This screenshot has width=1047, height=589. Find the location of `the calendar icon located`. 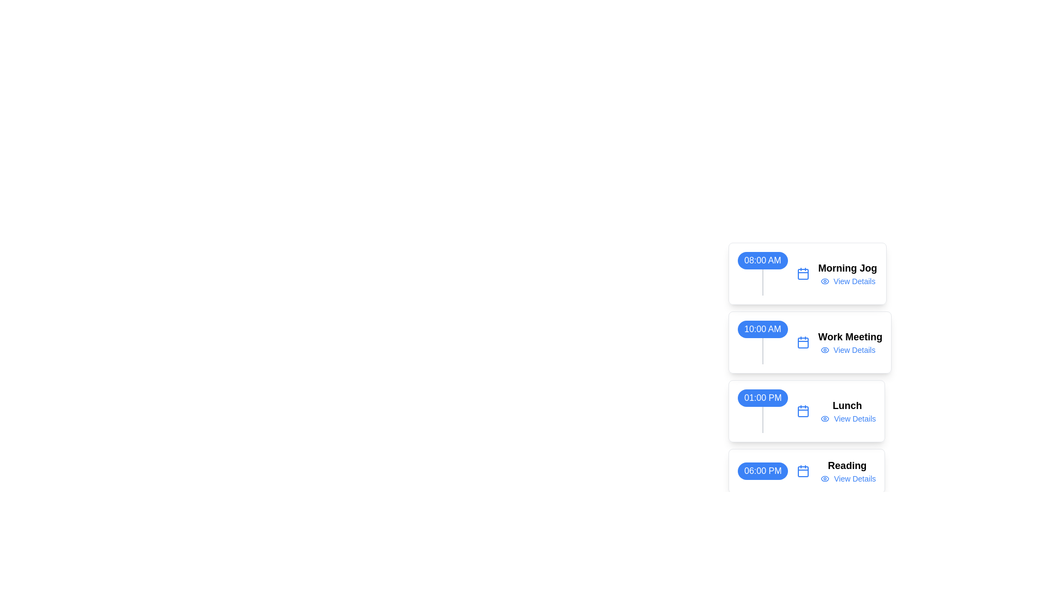

the calendar icon located is located at coordinates (803, 273).